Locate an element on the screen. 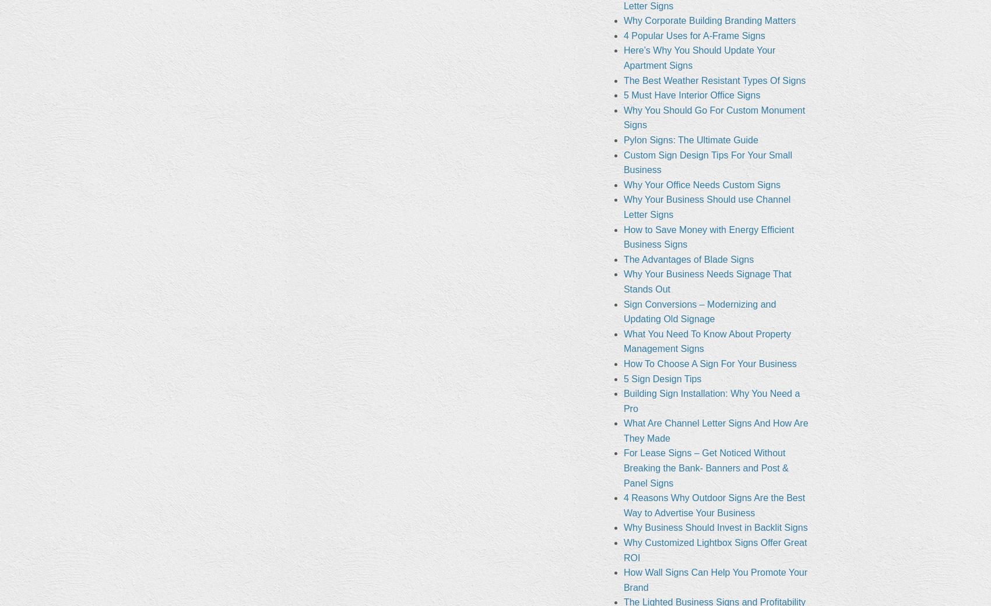 The height and width of the screenshot is (606, 991). 'Here’s Why You Should Update Your Apartment Signs' is located at coordinates (698, 57).